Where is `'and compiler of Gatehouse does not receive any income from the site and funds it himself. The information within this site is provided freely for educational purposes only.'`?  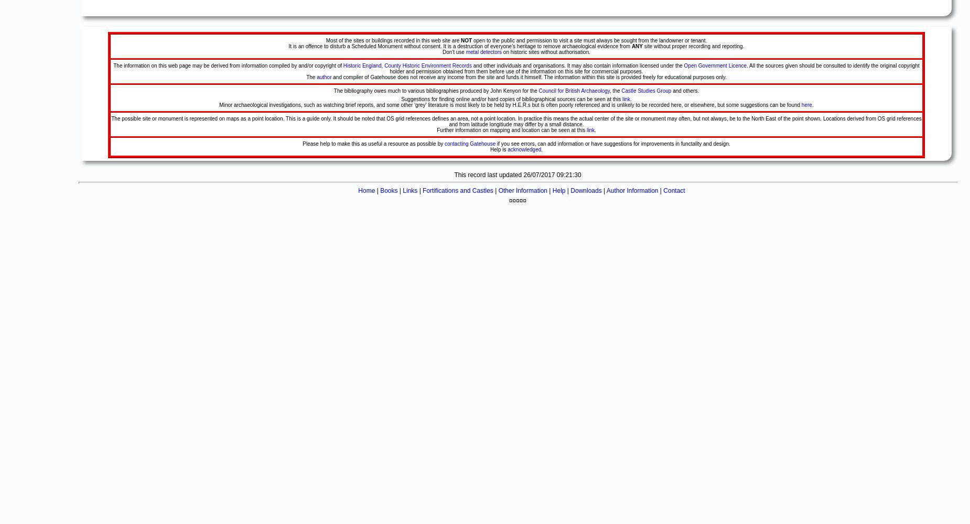
'and compiler of Gatehouse does not receive any income from the site and funds it himself. The information within this site is provided freely for educational purposes only.' is located at coordinates (331, 77).